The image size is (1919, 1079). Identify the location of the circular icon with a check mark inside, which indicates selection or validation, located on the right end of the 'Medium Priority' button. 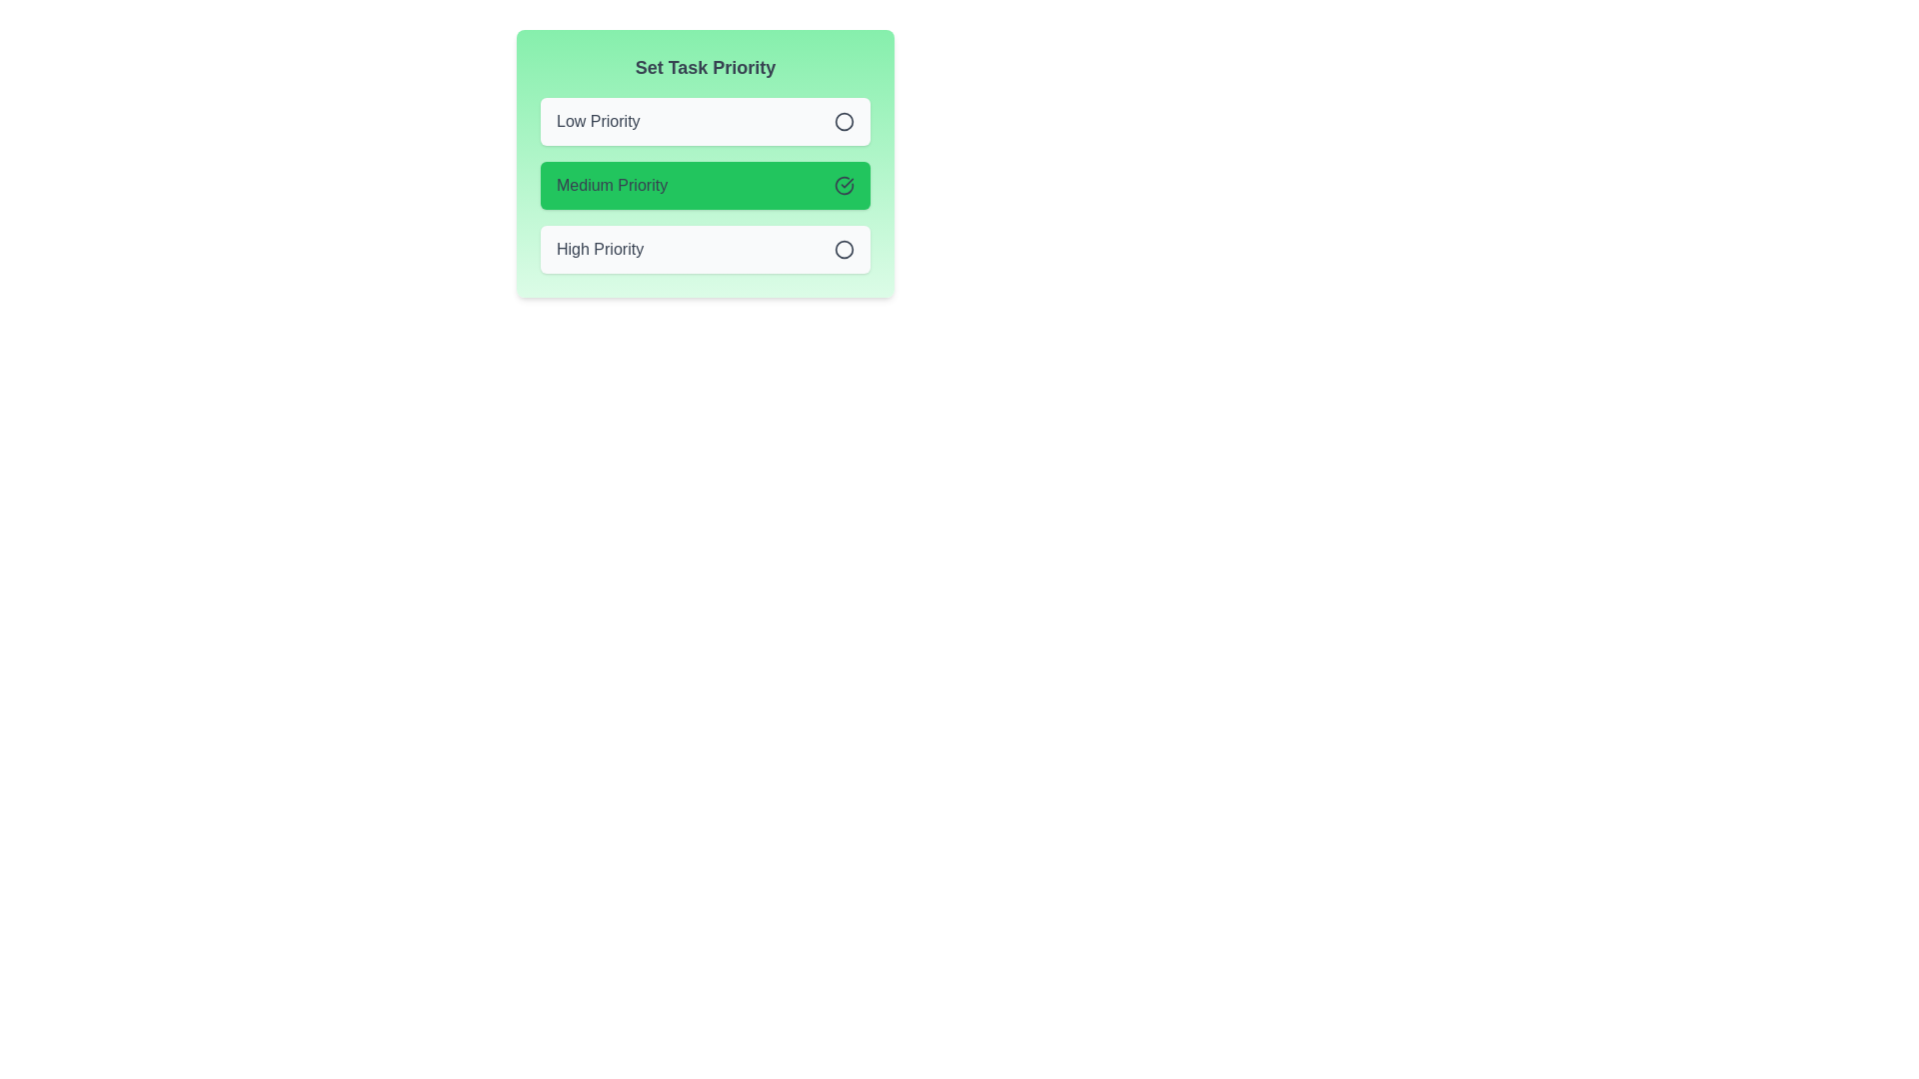
(844, 185).